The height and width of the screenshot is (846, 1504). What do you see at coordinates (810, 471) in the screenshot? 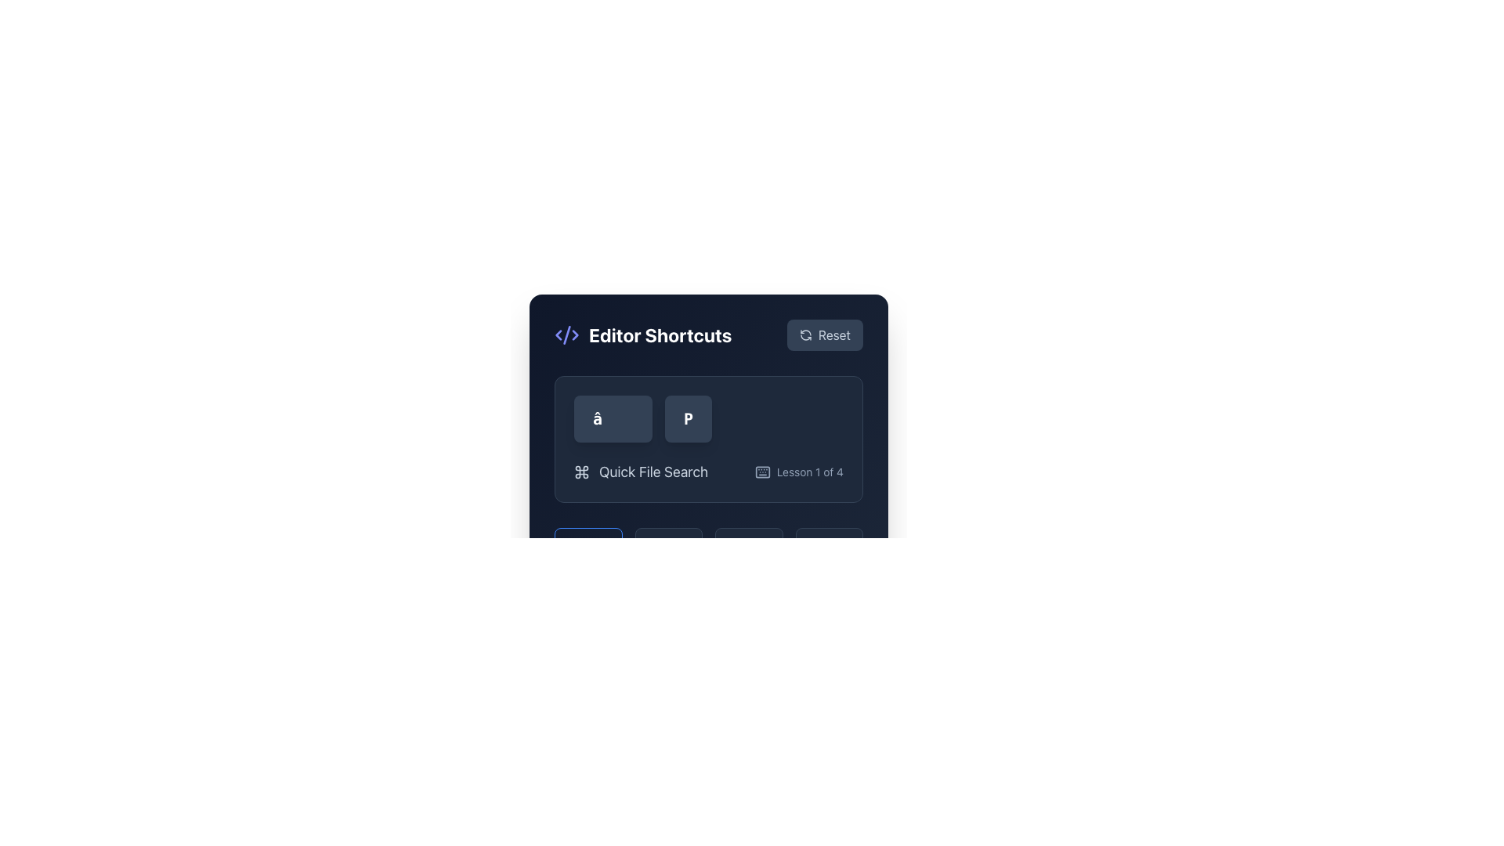
I see `the informative text label indicating the current lesson as the first out of four lessons, located to the right of the keyboard icon in the 'Editor Shortcuts' section` at bounding box center [810, 471].